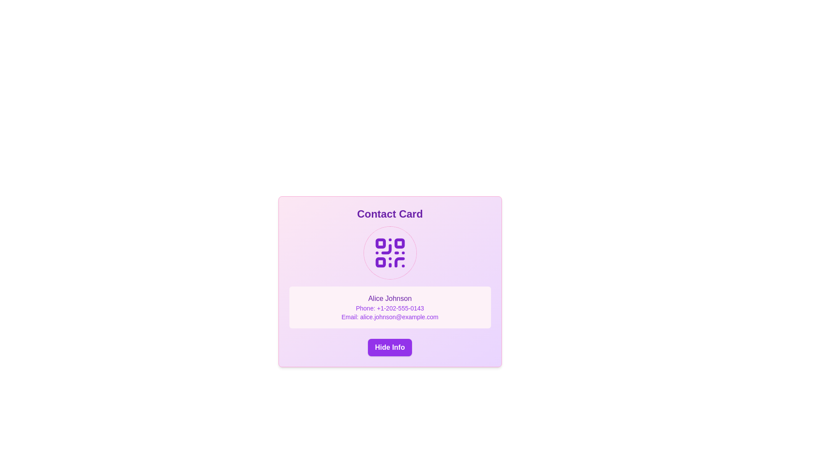 This screenshot has height=471, width=838. What do you see at coordinates (380, 243) in the screenshot?
I see `the first decorative square in the QR code graphic, which is styled in purple and located at the top-left of the QR code` at bounding box center [380, 243].